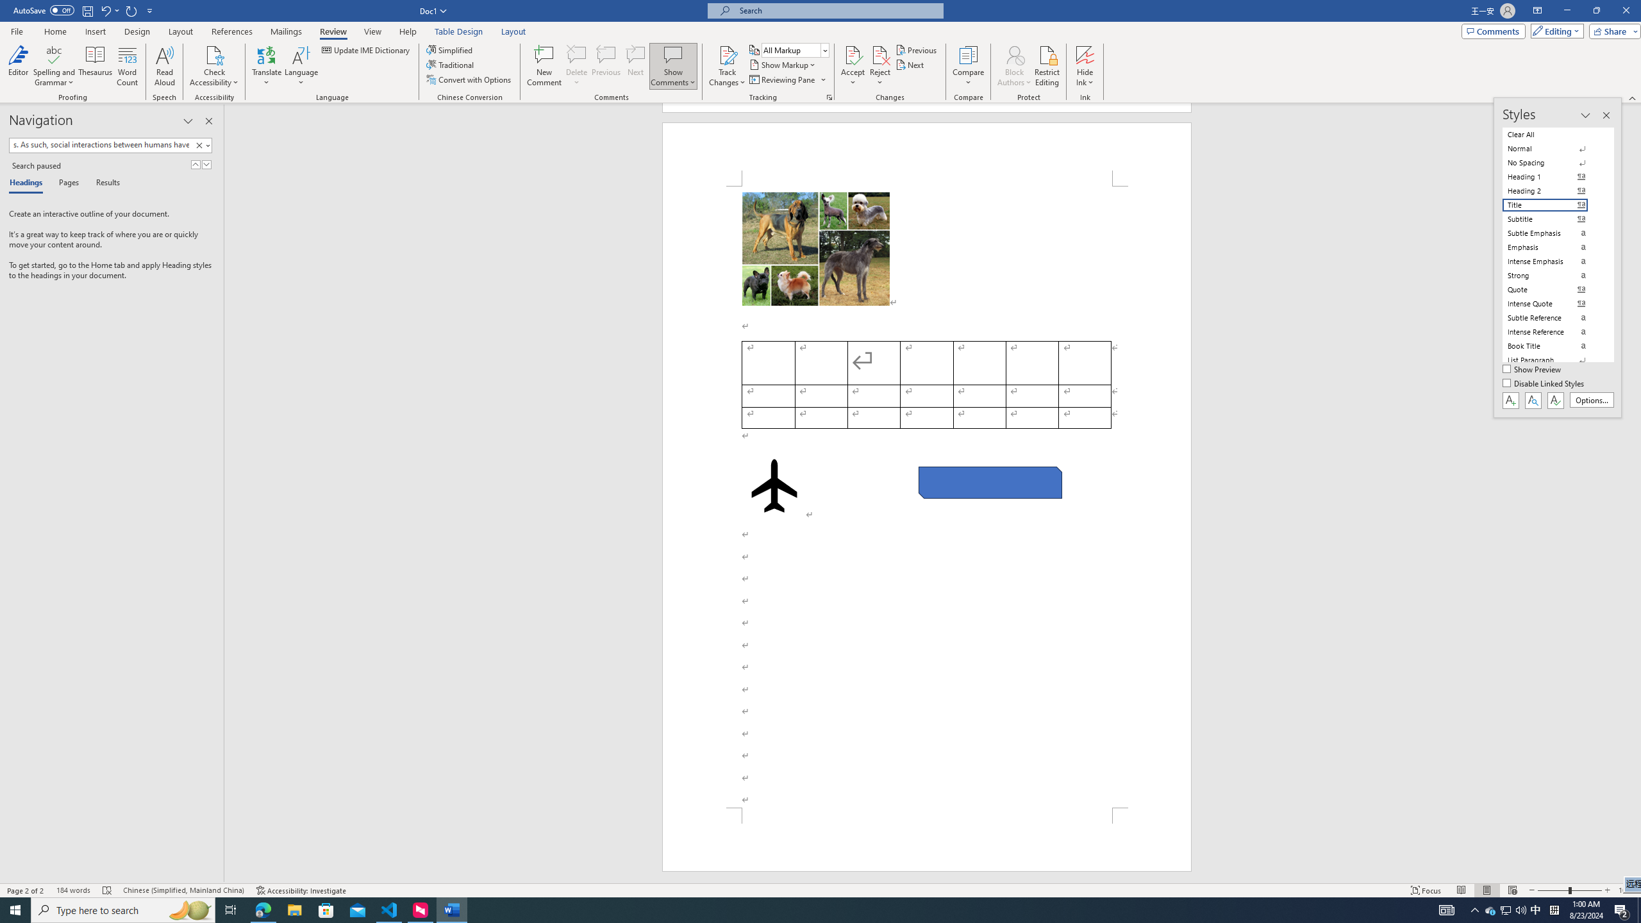  What do you see at coordinates (131, 10) in the screenshot?
I see `'Repeat Style'` at bounding box center [131, 10].